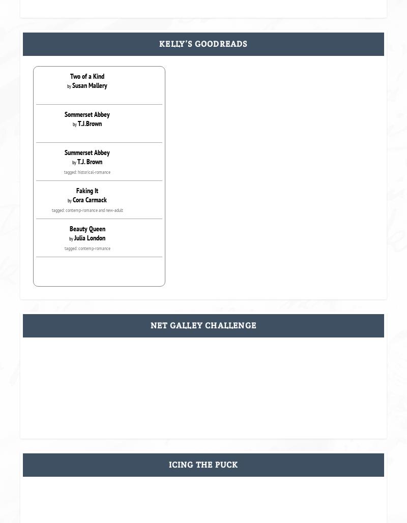 This screenshot has width=407, height=523. Describe the element at coordinates (86, 248) in the screenshot. I see `'tagged:
            contemp-romance'` at that location.